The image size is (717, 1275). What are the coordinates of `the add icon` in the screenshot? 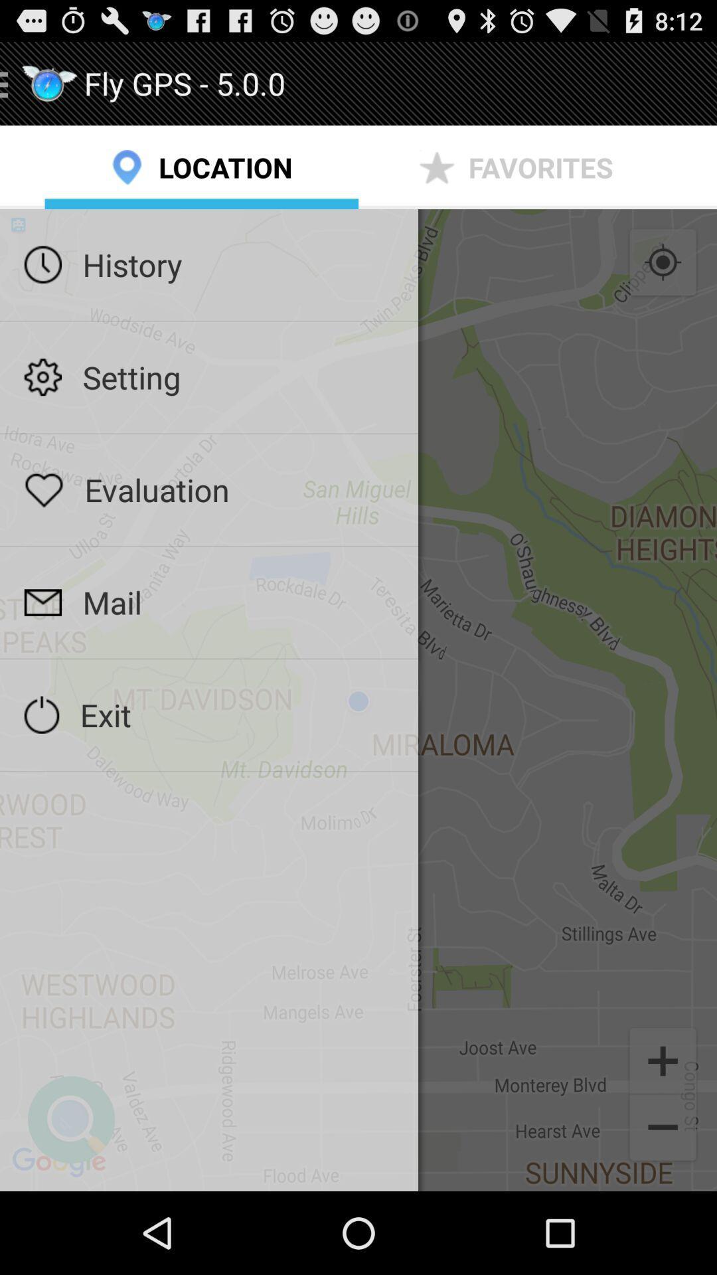 It's located at (663, 1134).